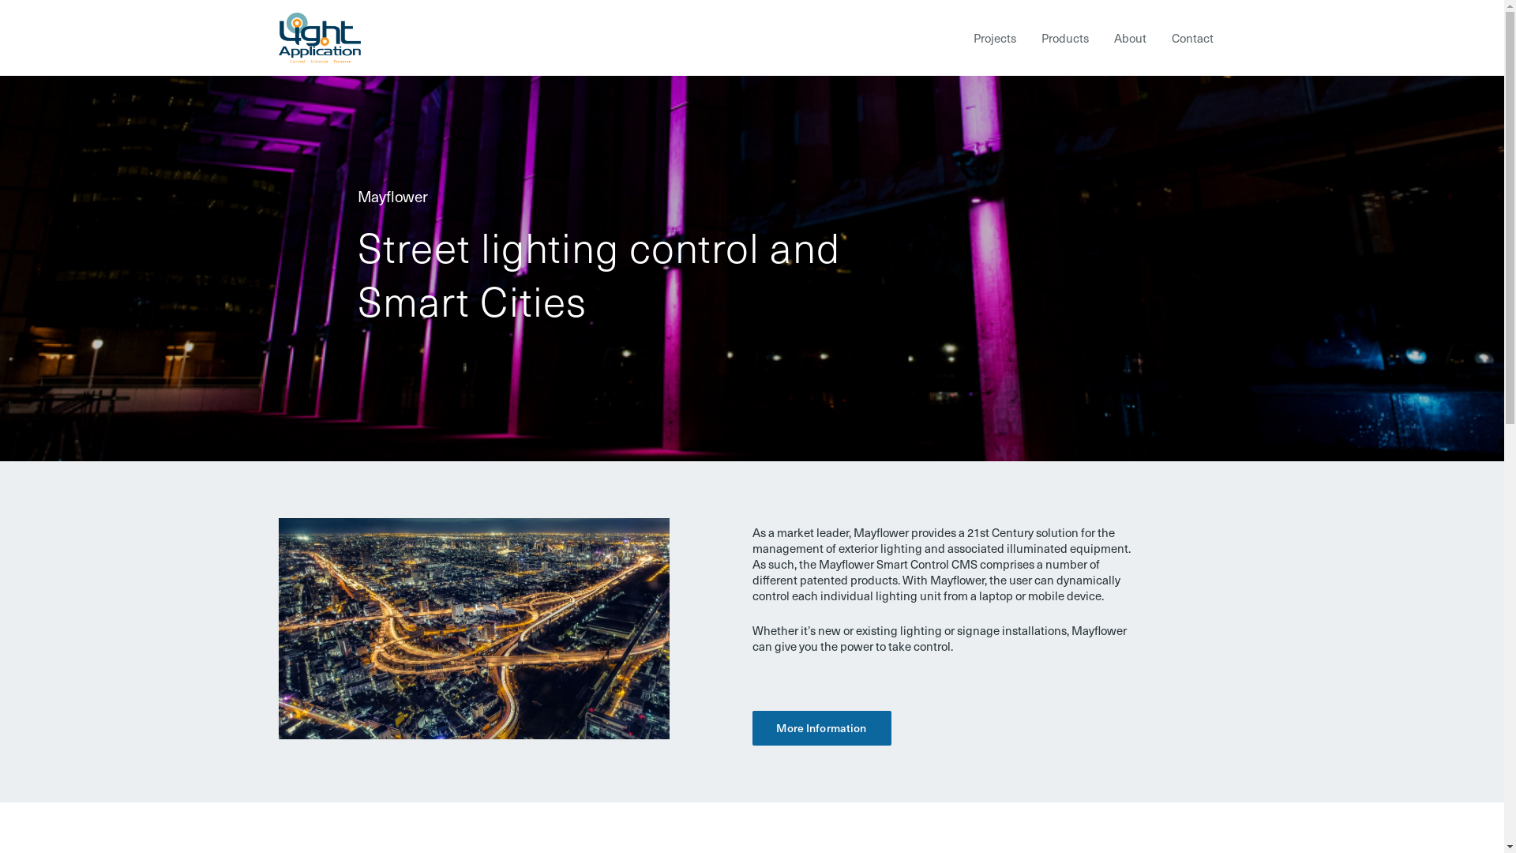 The width and height of the screenshot is (1516, 853). Describe the element at coordinates (750, 727) in the screenshot. I see `'More Information'` at that location.